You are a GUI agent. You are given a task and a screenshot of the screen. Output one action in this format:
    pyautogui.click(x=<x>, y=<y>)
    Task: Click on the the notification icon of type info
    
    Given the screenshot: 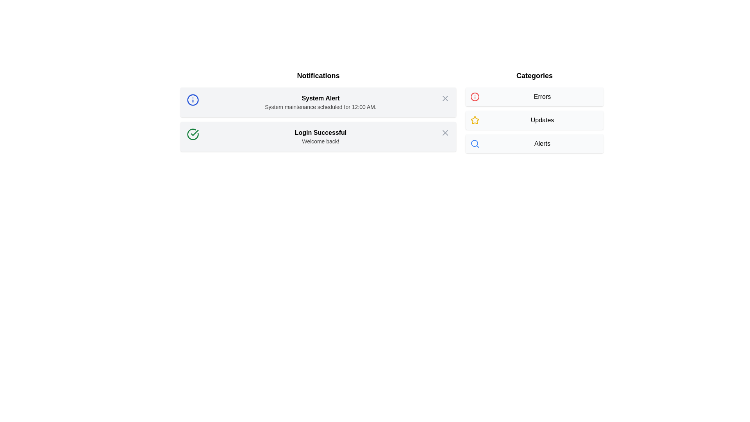 What is the action you would take?
    pyautogui.click(x=193, y=99)
    